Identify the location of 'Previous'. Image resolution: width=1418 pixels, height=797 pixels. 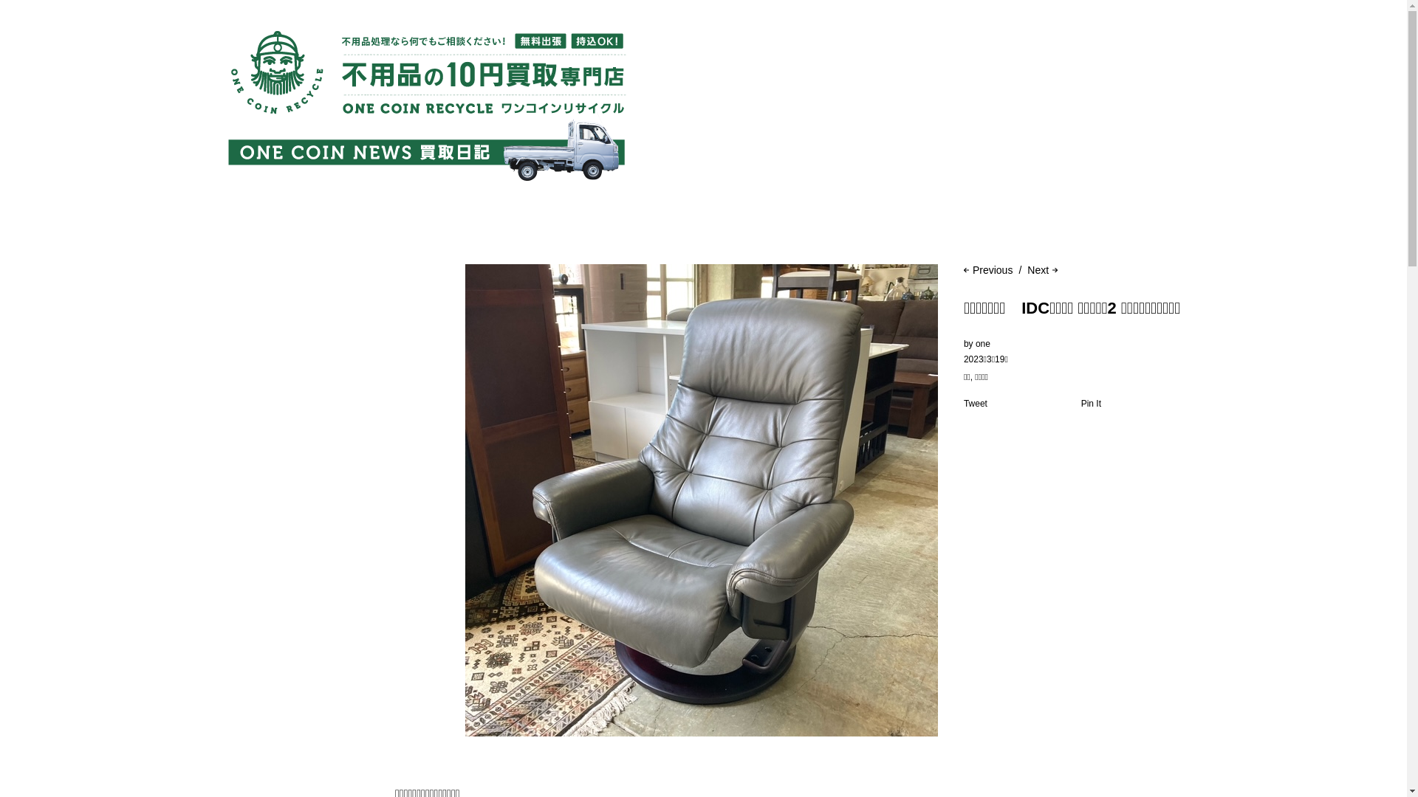
(988, 270).